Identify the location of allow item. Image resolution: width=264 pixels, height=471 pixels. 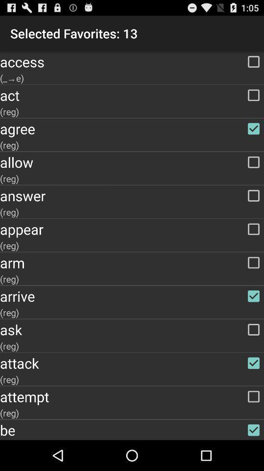
(132, 162).